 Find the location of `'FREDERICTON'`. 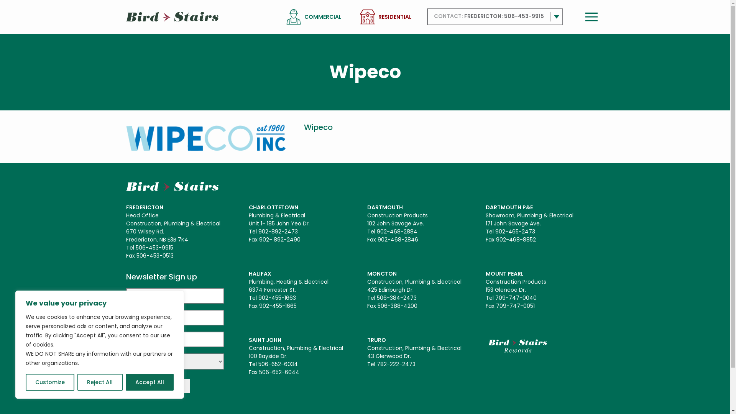

'FREDERICTON' is located at coordinates (144, 207).